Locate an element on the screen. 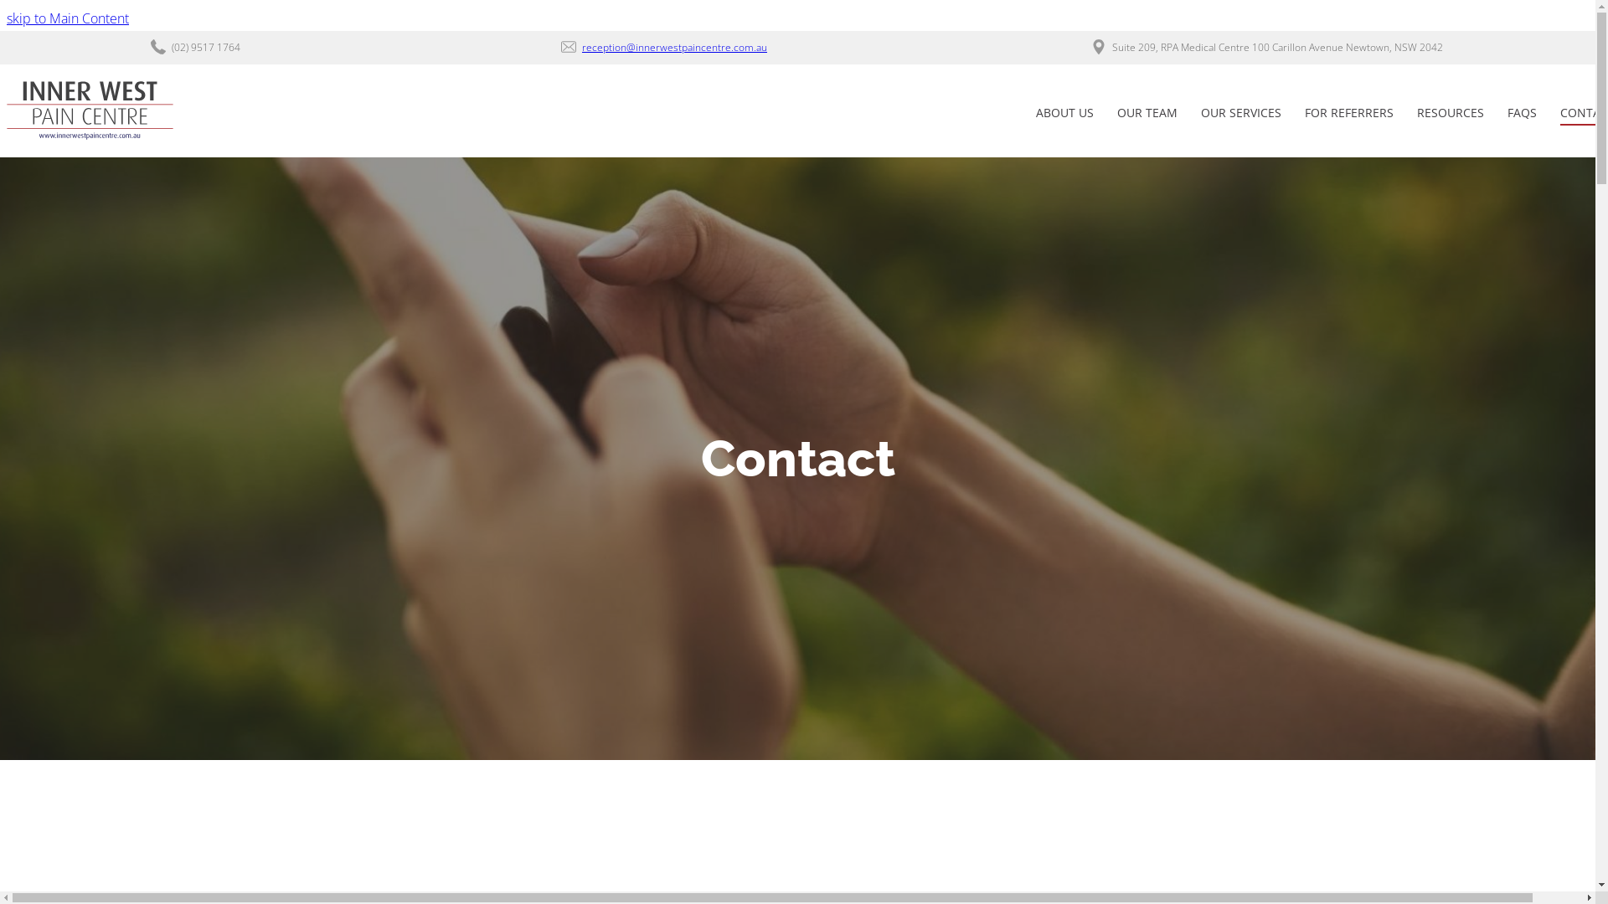  'OUR TEAM' is located at coordinates (1146, 114).